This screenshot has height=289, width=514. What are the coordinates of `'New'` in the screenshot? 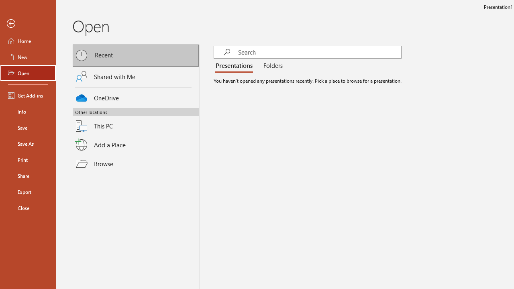 It's located at (28, 56).